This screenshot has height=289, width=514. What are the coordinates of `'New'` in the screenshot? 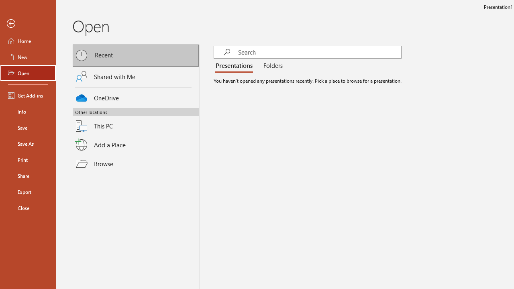 It's located at (28, 56).